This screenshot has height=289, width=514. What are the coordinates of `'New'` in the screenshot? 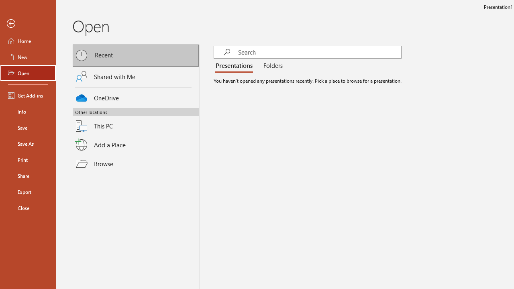 It's located at (28, 56).